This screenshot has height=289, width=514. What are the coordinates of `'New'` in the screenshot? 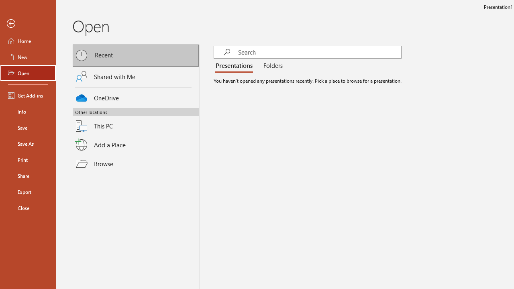 It's located at (28, 56).